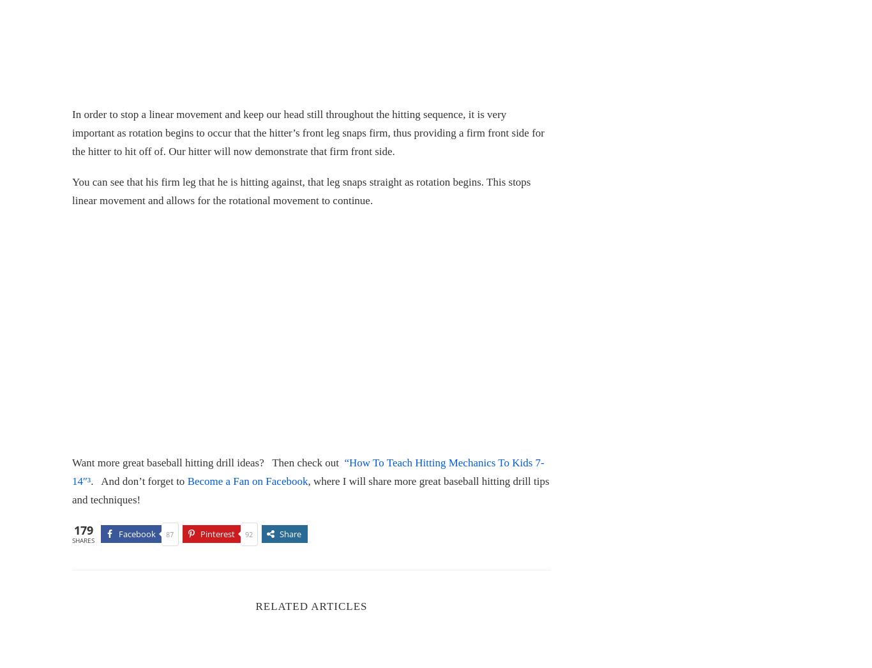  Describe the element at coordinates (308, 131) in the screenshot. I see `'In order to stop a linear movement and keep our head still throughout the hitting sequence, it is very important as rotation begins to occur that the hitter’s front leg snaps firm, thus providing a firm front side for the hitter to hit off of. Our hitter will now demonstrate that firm front side.'` at that location.